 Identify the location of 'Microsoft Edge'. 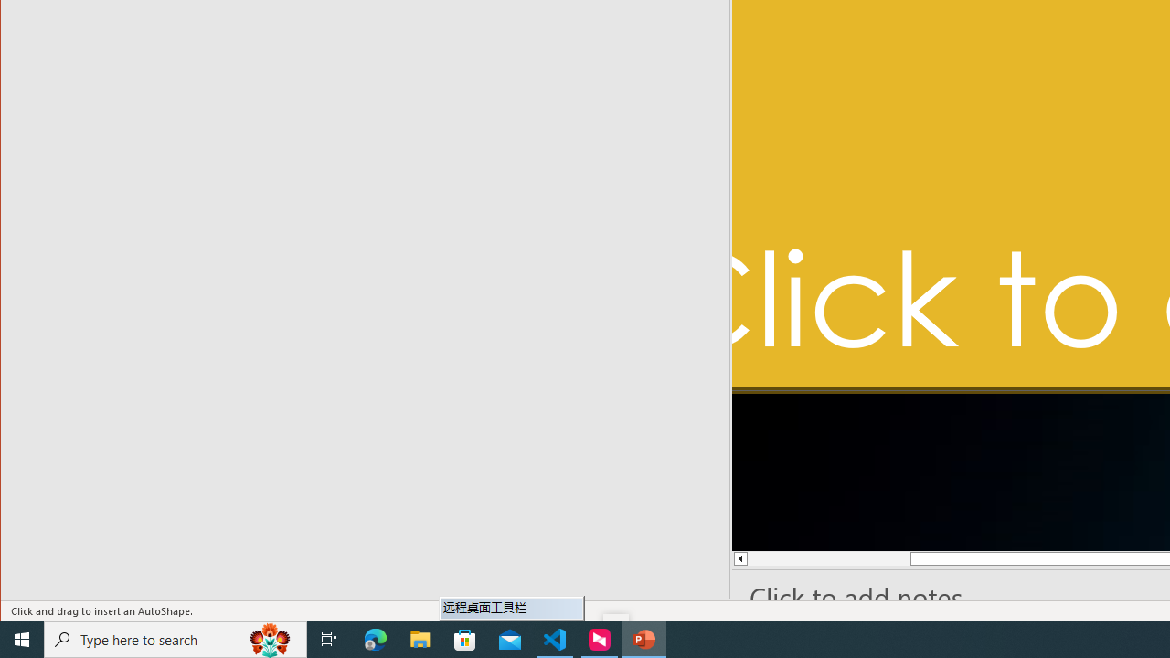
(375, 638).